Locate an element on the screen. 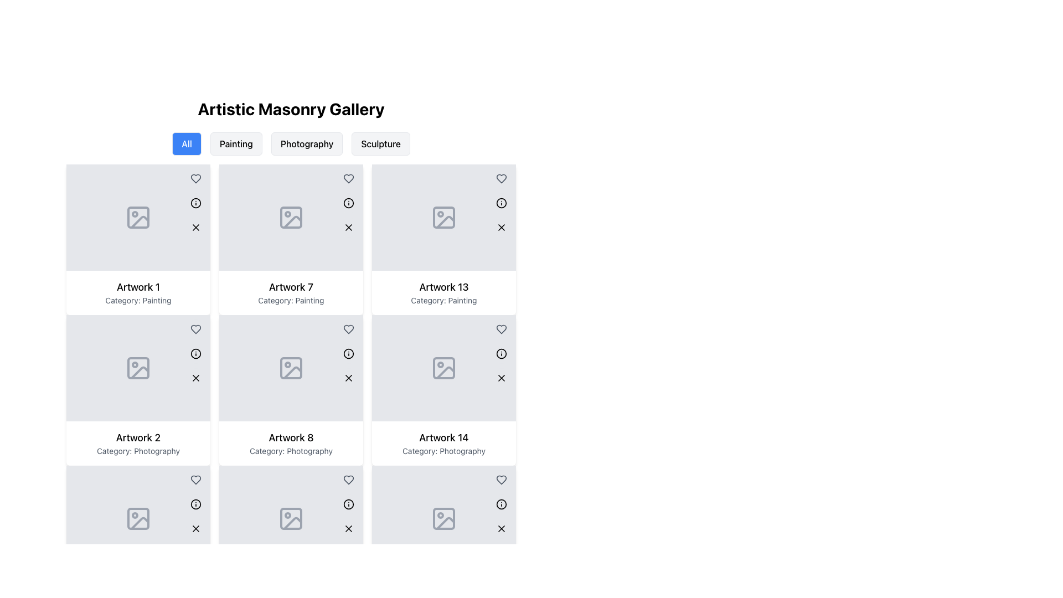 This screenshot has width=1063, height=598. the close button icon located at the bottom-right corner of the 'Artwork 8' card in the Photography category is located at coordinates (348, 377).